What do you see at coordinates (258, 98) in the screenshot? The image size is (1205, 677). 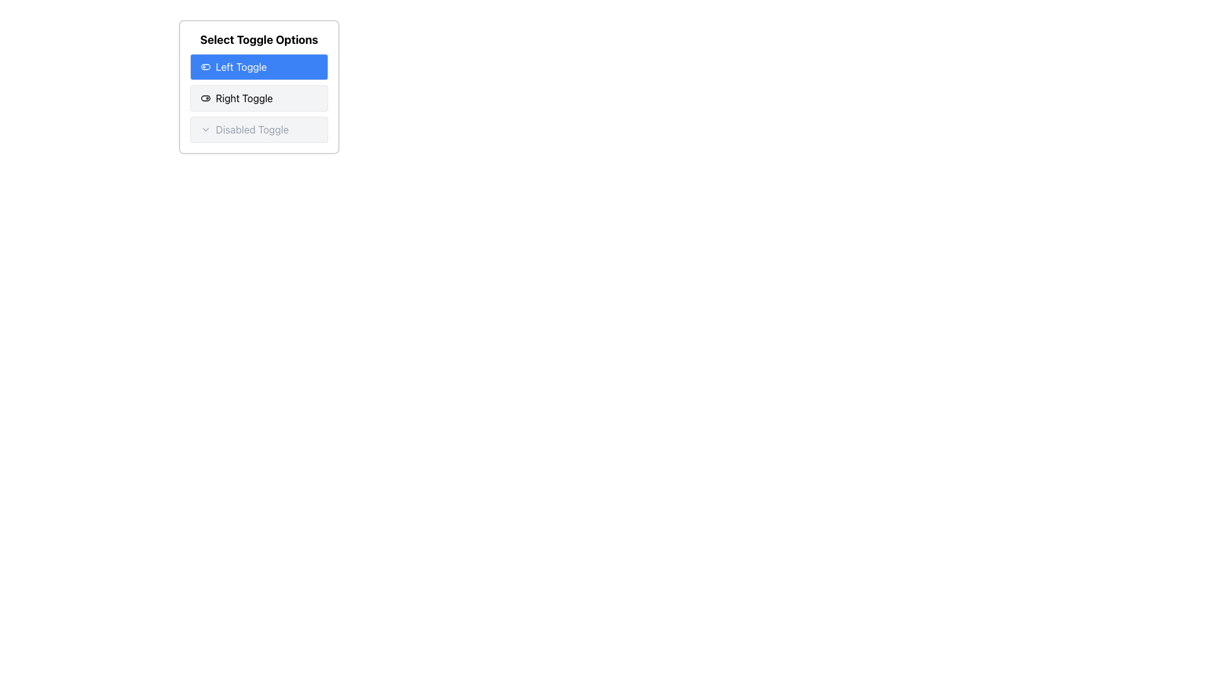 I see `the 'Right Toggle' button, which is a rectangular button with a light gray background and rounded corners` at bounding box center [258, 98].